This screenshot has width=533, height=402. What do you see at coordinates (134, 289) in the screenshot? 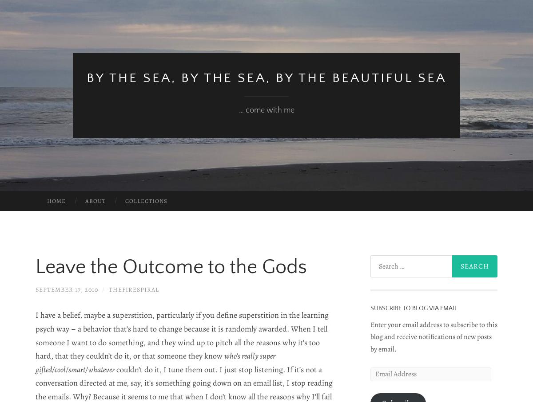
I see `'thefirespiral'` at bounding box center [134, 289].